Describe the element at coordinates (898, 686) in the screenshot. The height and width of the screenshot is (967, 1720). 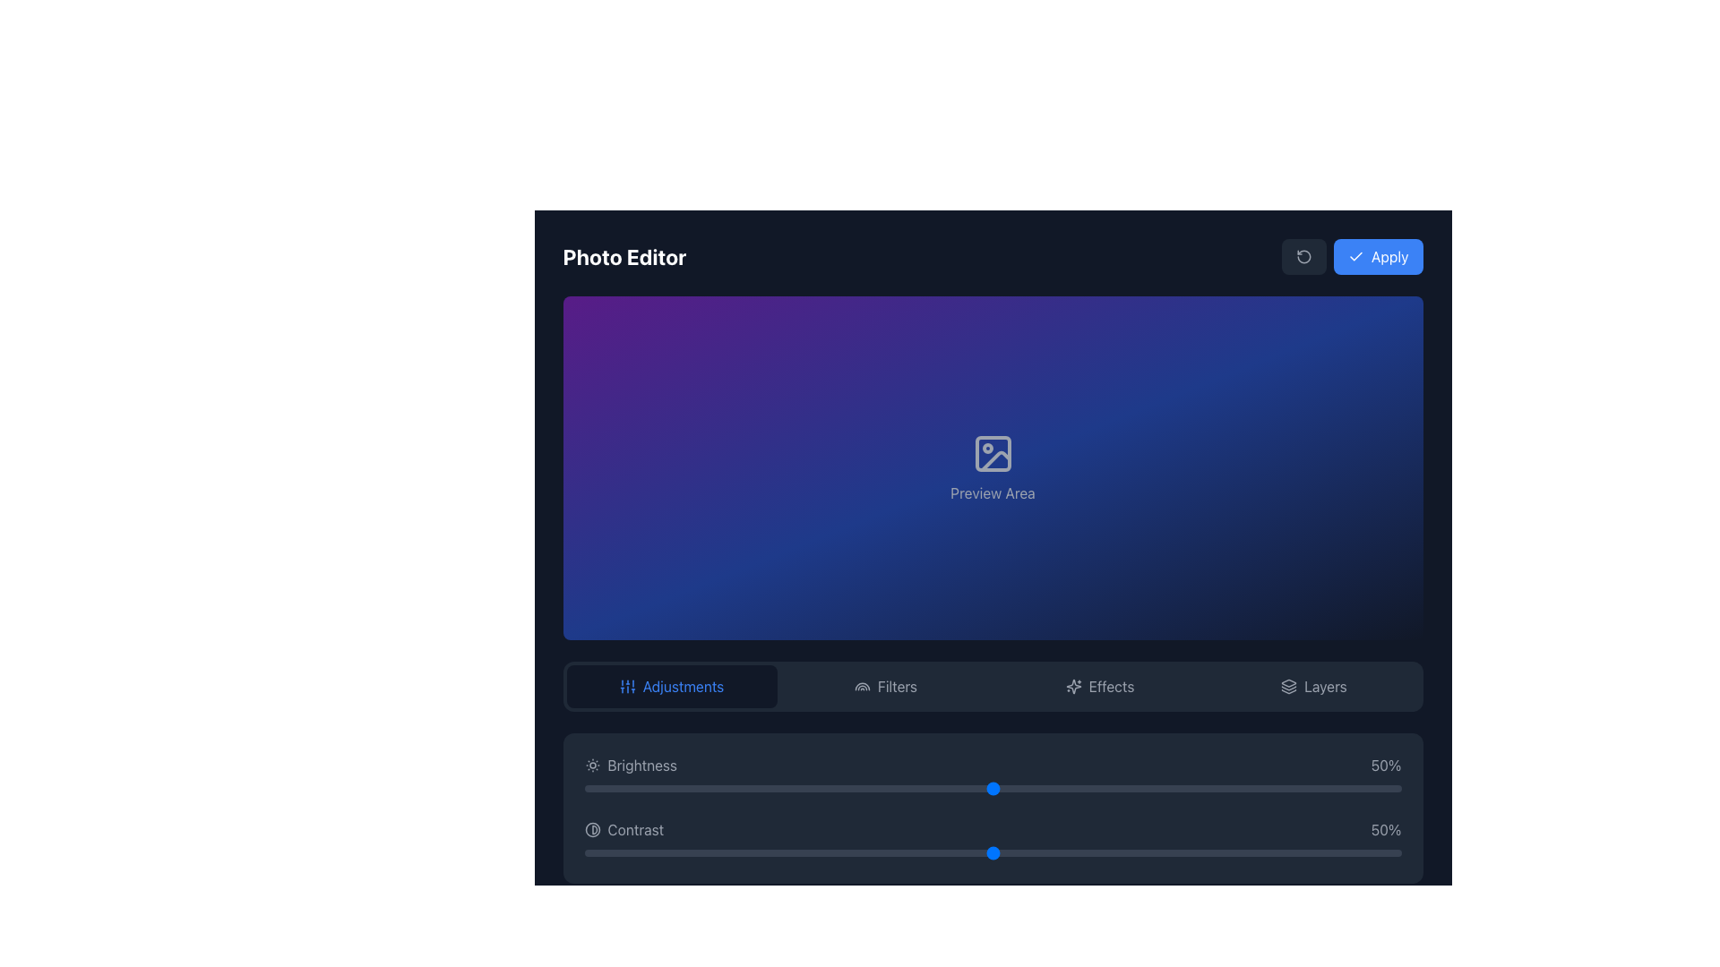
I see `the navigation label that serves as a filter option, positioned second in the navigation bar between 'Adjustments' and 'Effects'` at that location.